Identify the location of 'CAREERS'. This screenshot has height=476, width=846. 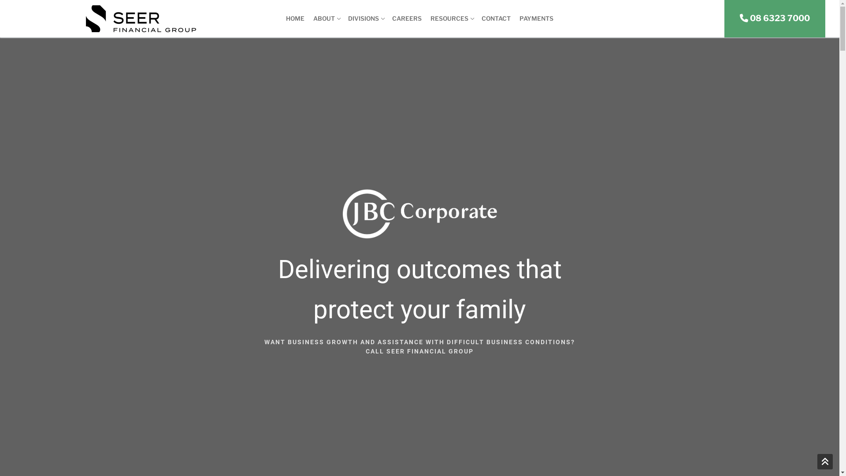
(406, 19).